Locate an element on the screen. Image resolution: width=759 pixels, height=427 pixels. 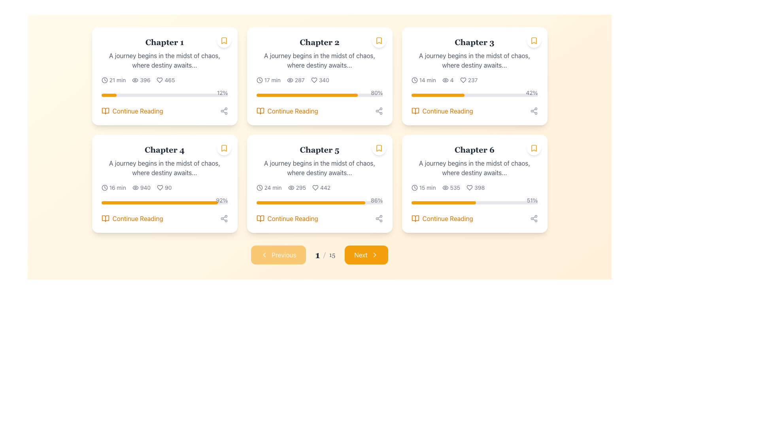
the heart-shaped icon located in the bottom-right quadrant of the Chapter 6 card, specifically to the left of the numeric indicator showing '398' is located at coordinates (470, 187).